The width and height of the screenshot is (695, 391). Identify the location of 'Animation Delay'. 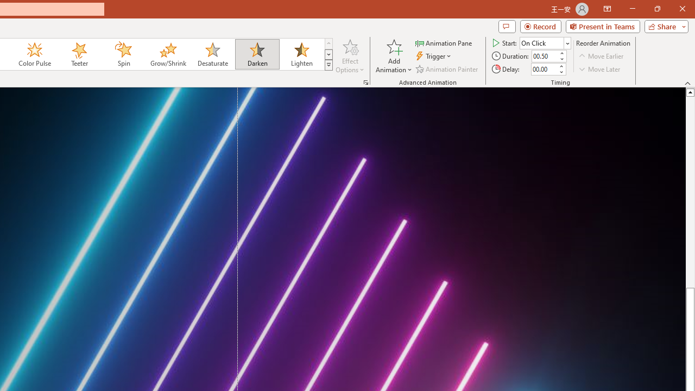
(544, 69).